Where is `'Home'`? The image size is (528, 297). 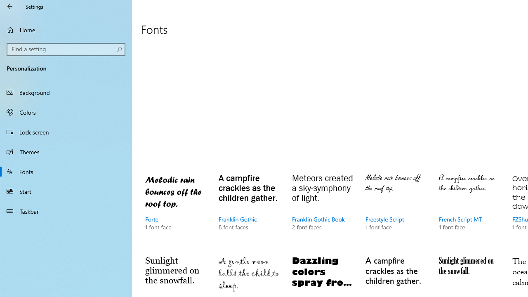 'Home' is located at coordinates (66, 29).